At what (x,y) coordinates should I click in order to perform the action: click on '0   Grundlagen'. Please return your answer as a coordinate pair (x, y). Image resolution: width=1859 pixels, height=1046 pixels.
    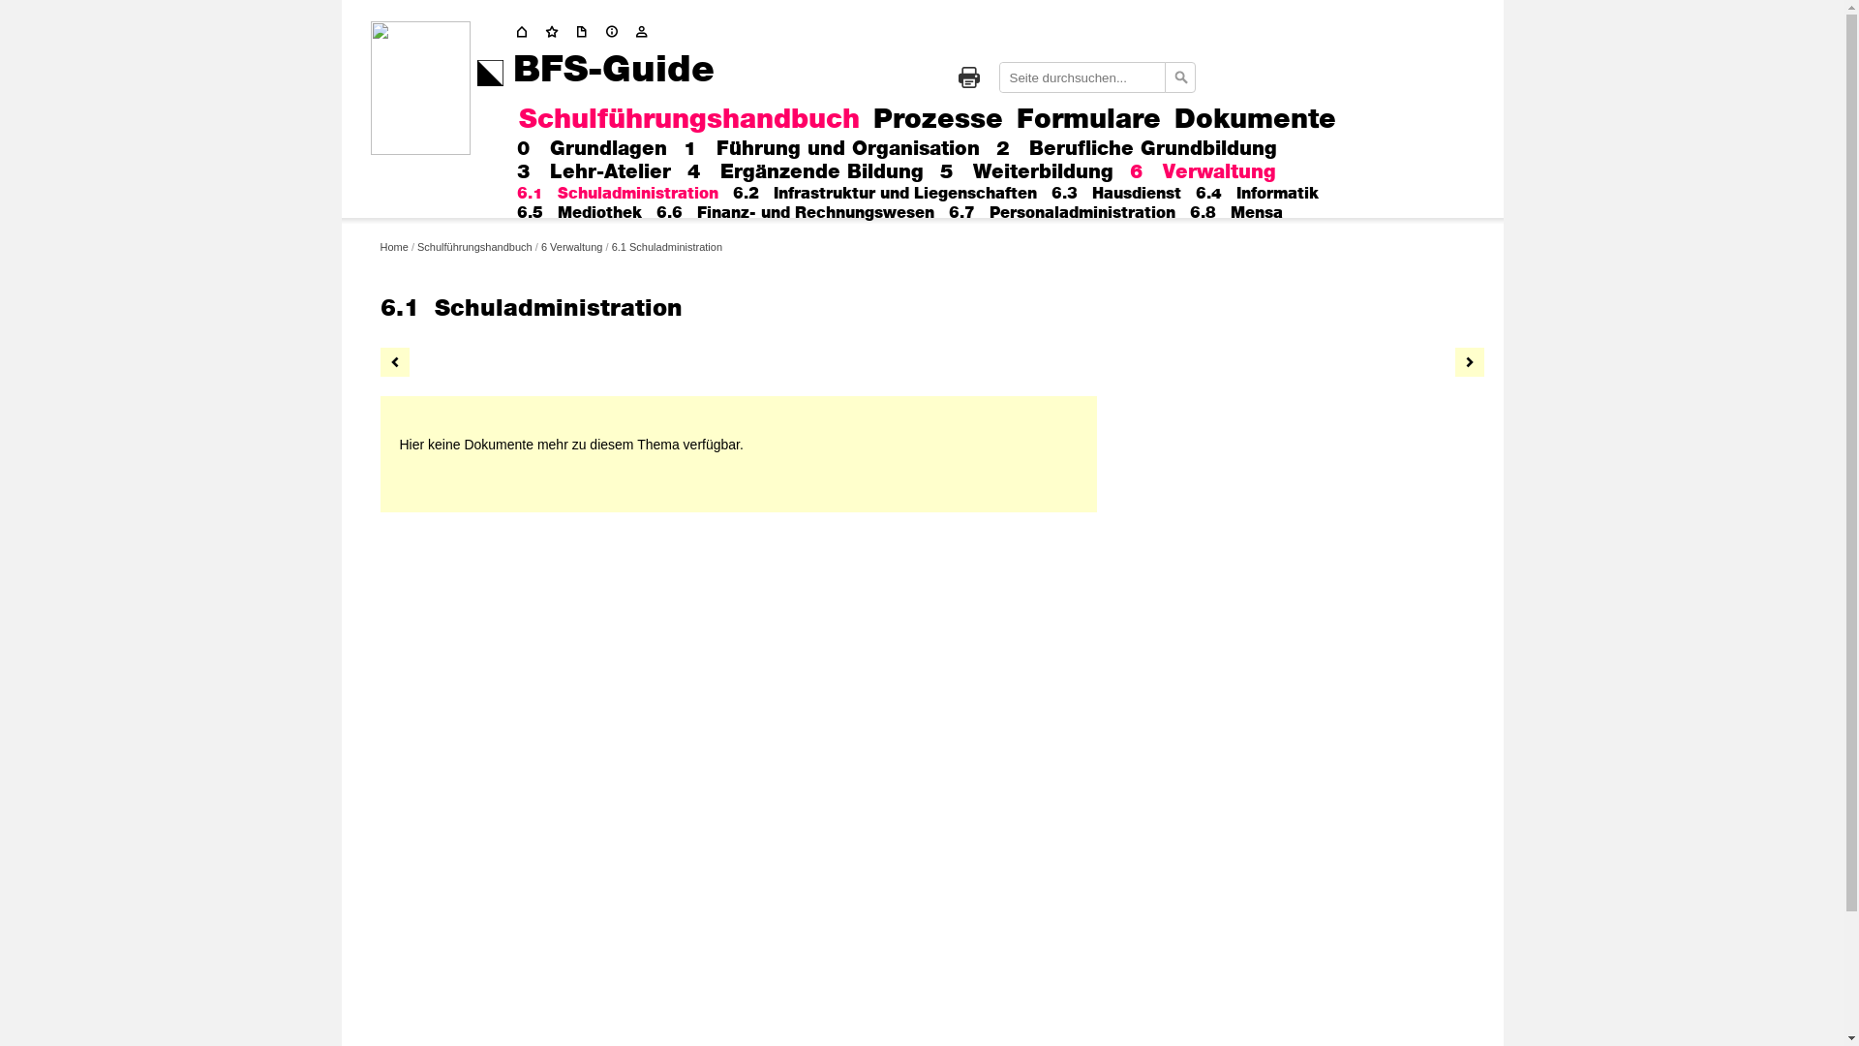
    Looking at the image, I should click on (591, 148).